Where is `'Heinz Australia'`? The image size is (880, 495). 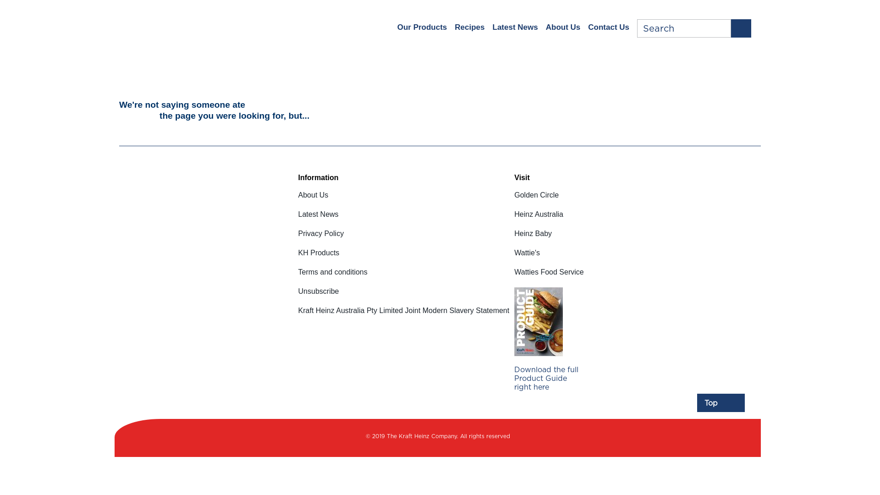
'Heinz Australia' is located at coordinates (549, 220).